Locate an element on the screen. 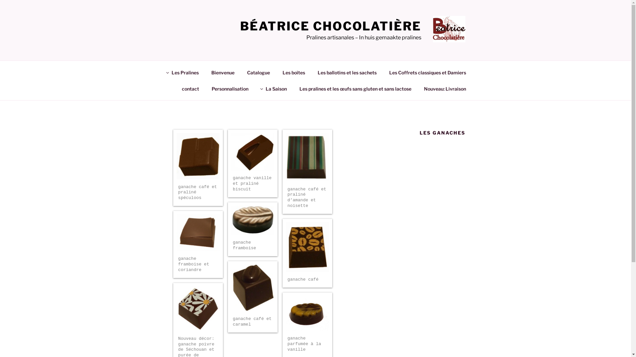 Image resolution: width=636 pixels, height=357 pixels. 'contact' is located at coordinates (190, 88).